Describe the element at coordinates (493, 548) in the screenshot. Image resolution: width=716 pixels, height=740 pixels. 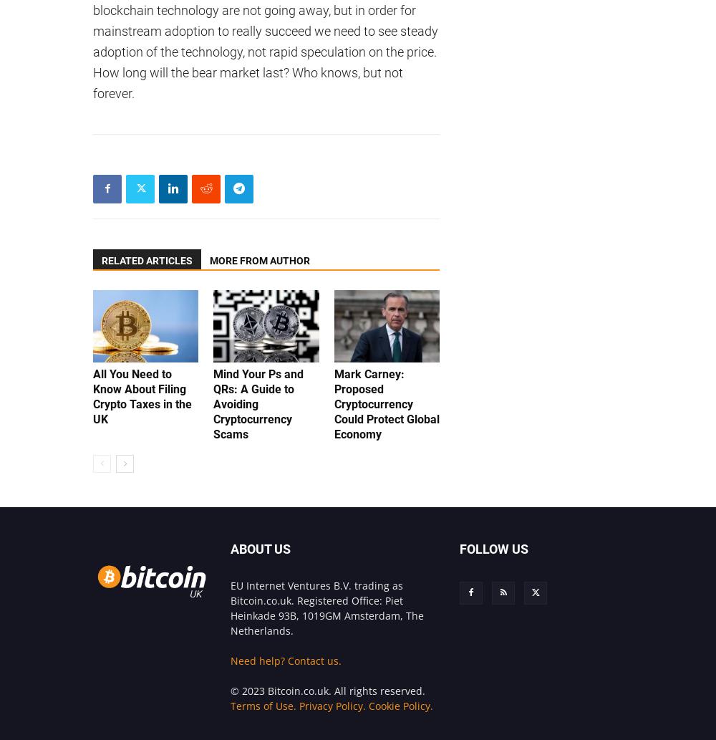
I see `'FOLLOW US'` at that location.